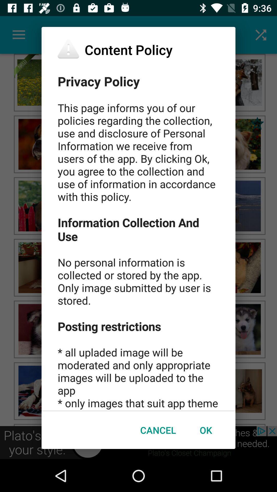  Describe the element at coordinates (158, 430) in the screenshot. I see `icon next to ok icon` at that location.